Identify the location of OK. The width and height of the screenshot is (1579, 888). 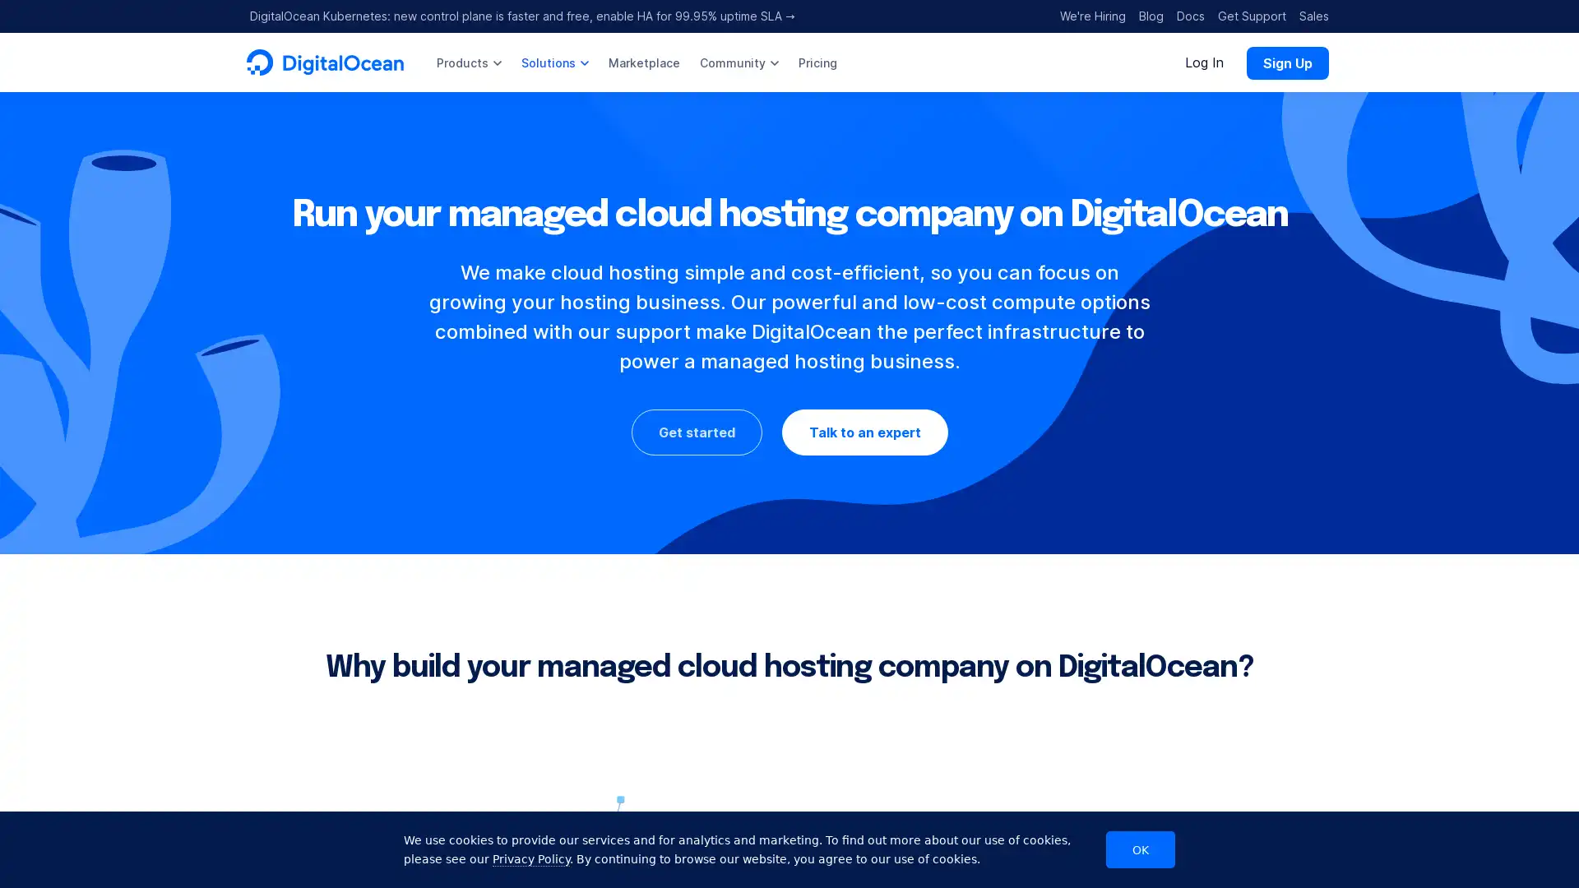
(1140, 849).